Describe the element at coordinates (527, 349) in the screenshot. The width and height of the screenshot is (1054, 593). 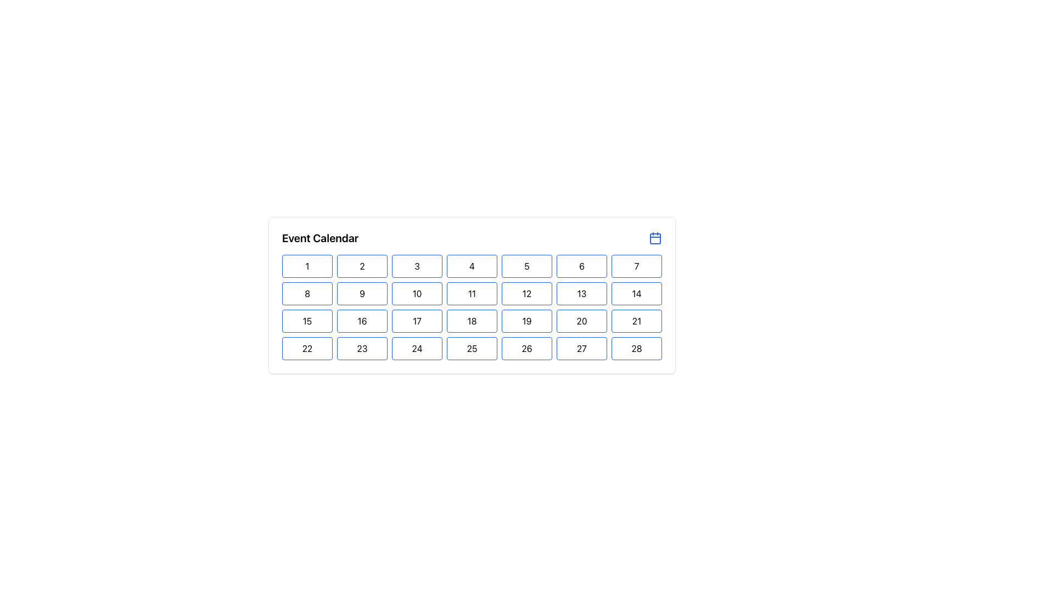
I see `the button representing day 26` at that location.